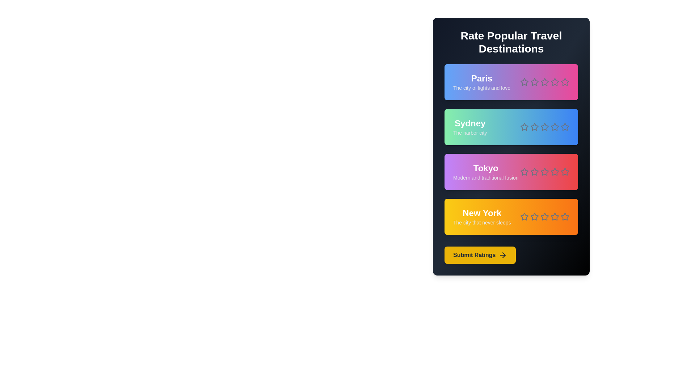 The image size is (695, 391). Describe the element at coordinates (480, 255) in the screenshot. I see `the 'Submit Ratings' button to submit the ratings` at that location.